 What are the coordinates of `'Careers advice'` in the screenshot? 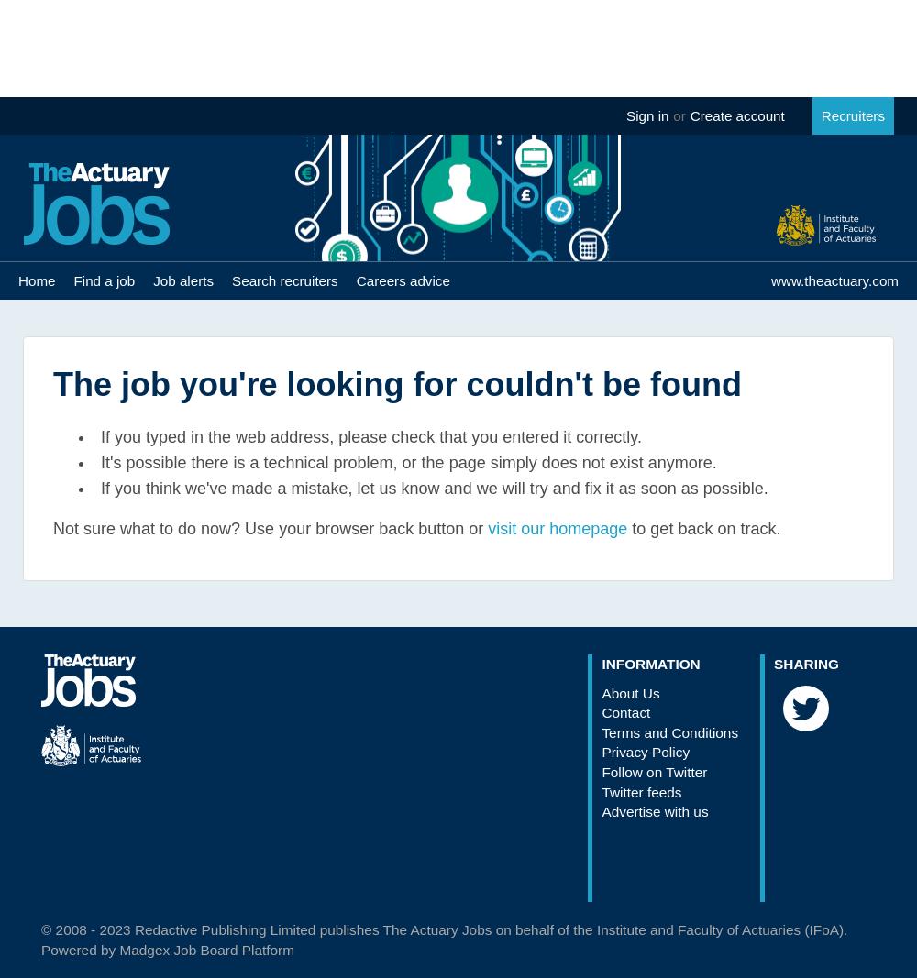 It's located at (356, 280).